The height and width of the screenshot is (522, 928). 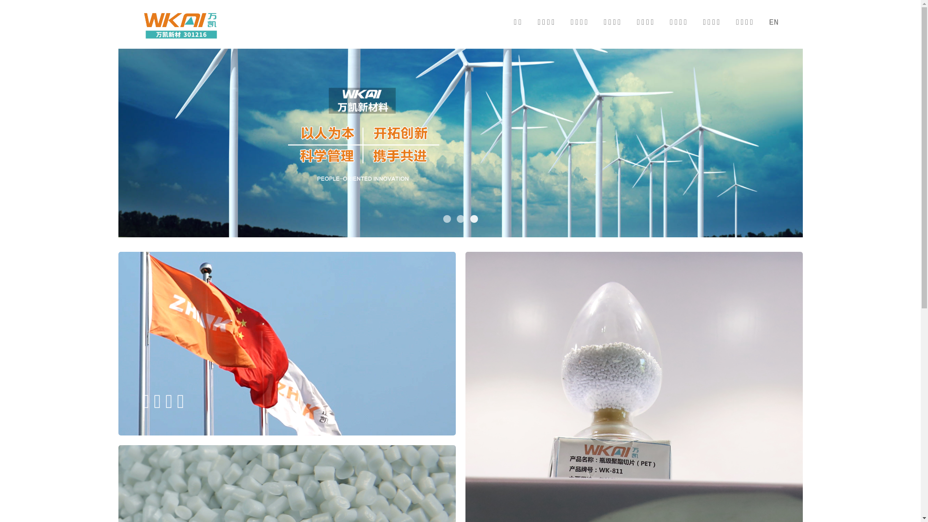 I want to click on '3', so click(x=469, y=218).